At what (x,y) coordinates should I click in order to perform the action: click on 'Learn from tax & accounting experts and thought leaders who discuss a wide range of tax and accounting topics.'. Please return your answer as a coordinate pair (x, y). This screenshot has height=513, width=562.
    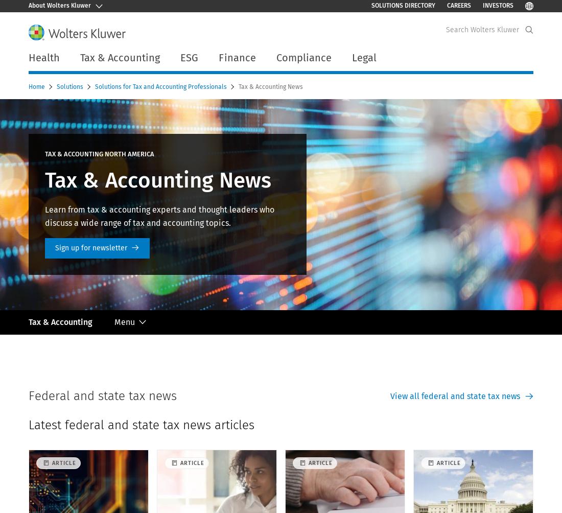
    Looking at the image, I should click on (159, 216).